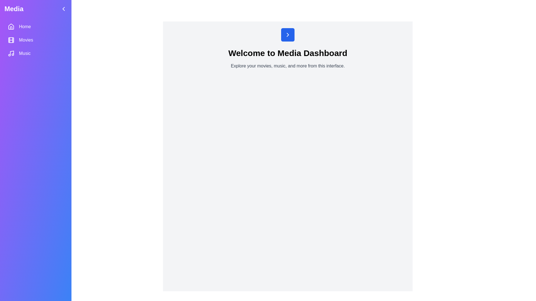 The image size is (536, 301). I want to click on the Music section in the sidebar, so click(35, 54).